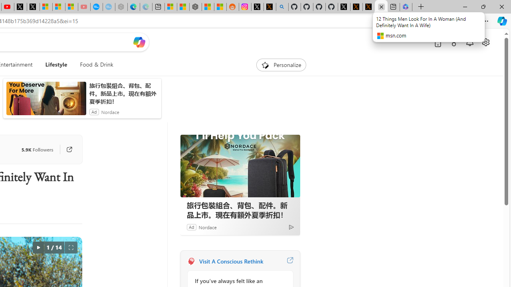 The height and width of the screenshot is (287, 511). I want to click on 'Gloom - YouTube - Sleeping', so click(84, 7).